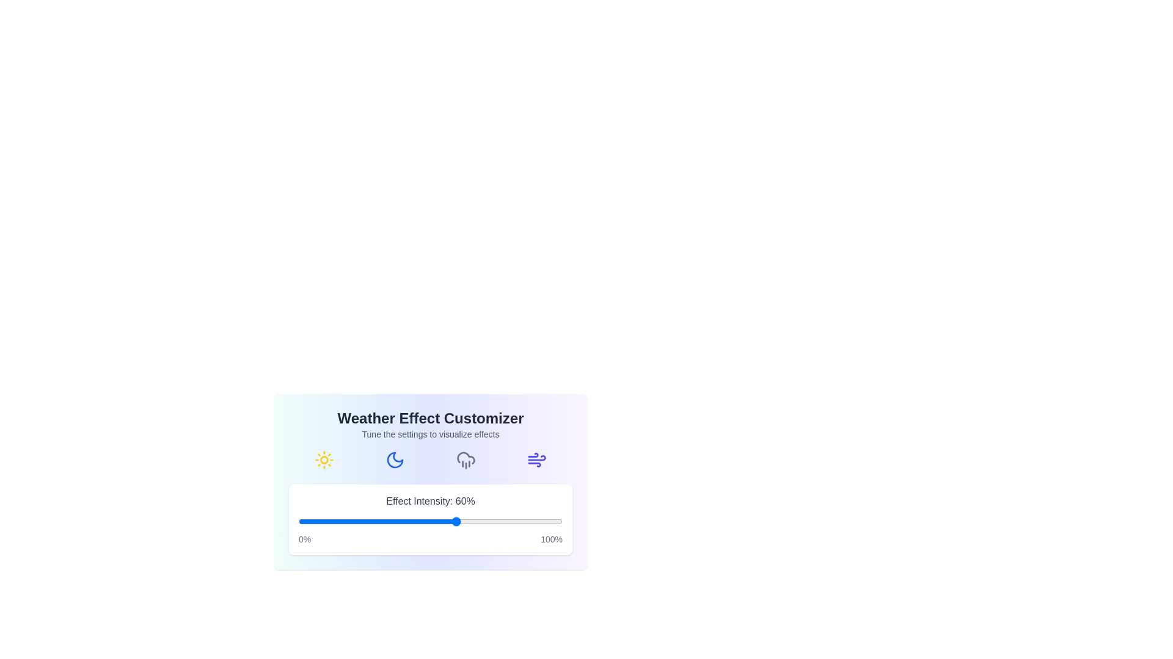  What do you see at coordinates (536, 522) in the screenshot?
I see `the effect intensity` at bounding box center [536, 522].